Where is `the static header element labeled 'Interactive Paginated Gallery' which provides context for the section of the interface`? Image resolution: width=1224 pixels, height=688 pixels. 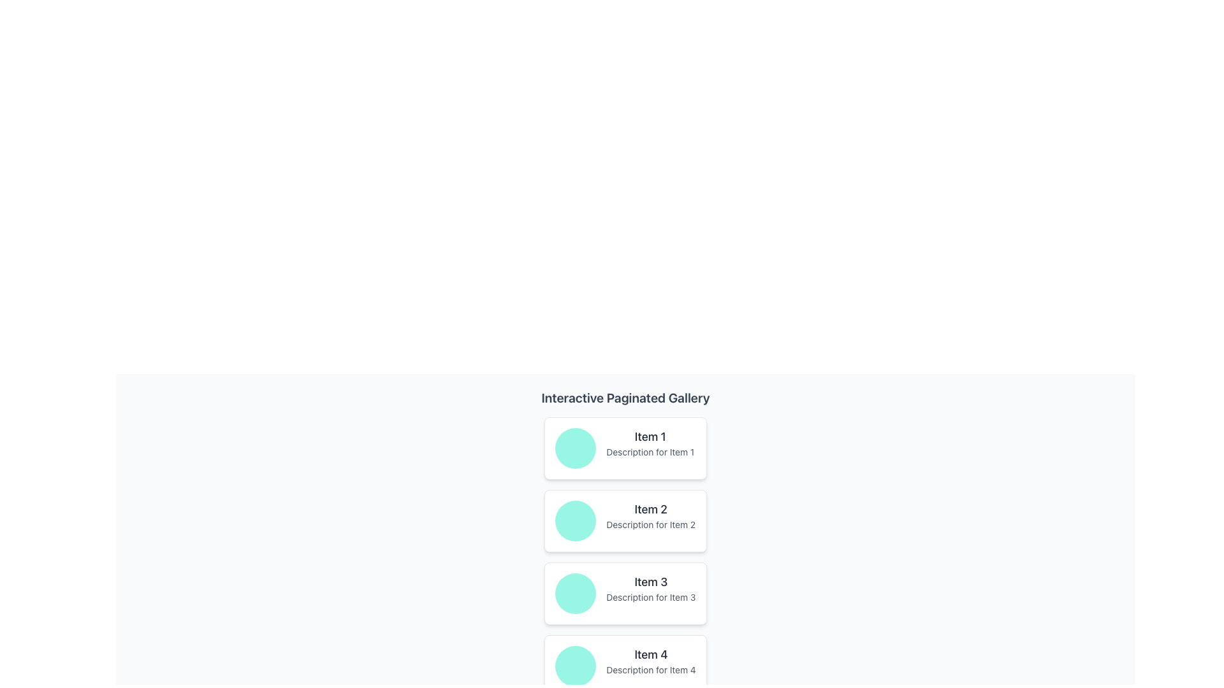
the static header element labeled 'Interactive Paginated Gallery' which provides context for the section of the interface is located at coordinates (625, 397).